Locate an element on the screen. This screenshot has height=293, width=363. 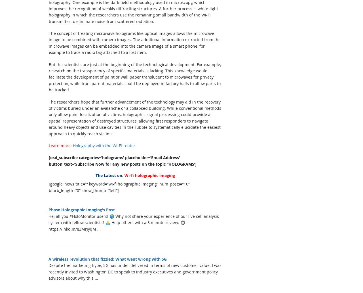
'Learn more:' is located at coordinates (60, 145).